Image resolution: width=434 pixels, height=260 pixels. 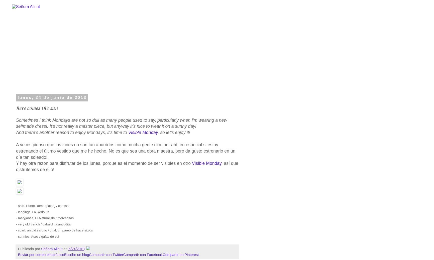 I want to click on 'here comes the sun', so click(x=37, y=108).